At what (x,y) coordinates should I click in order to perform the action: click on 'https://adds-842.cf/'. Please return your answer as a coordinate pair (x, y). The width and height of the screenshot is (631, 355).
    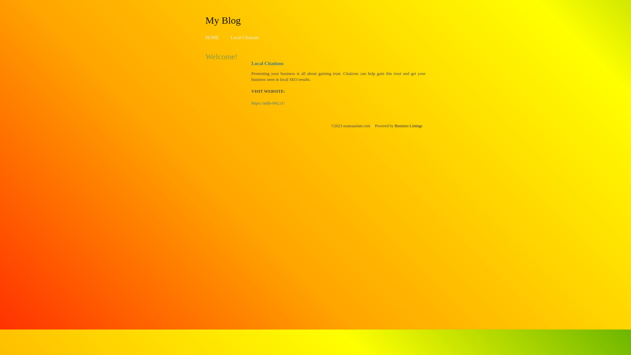
    Looking at the image, I should click on (268, 103).